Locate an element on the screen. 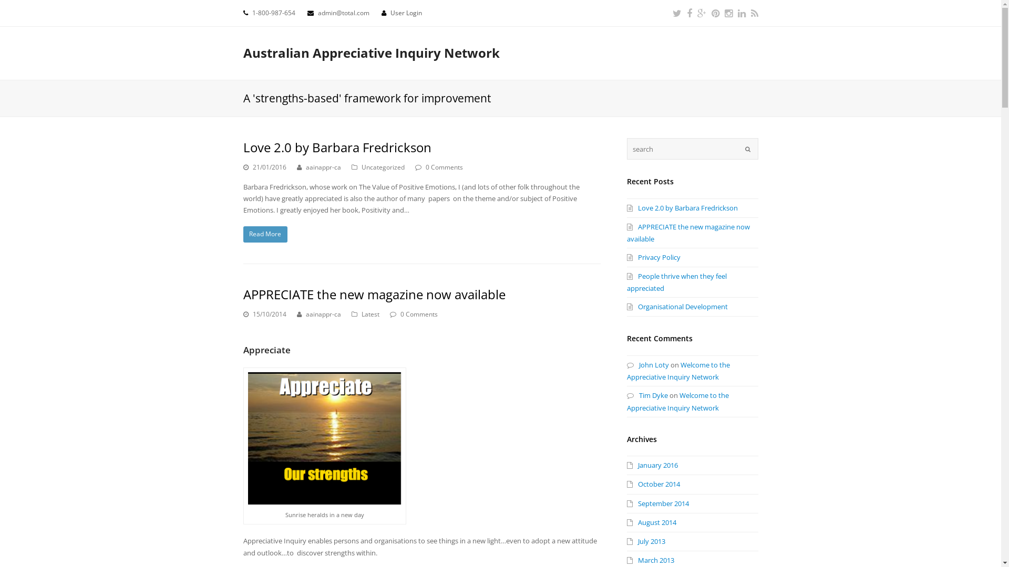 This screenshot has height=567, width=1009. 'Organisational Development' is located at coordinates (676, 306).